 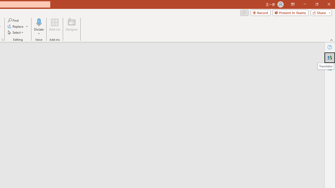 What do you see at coordinates (18, 26) in the screenshot?
I see `'Replace...'` at bounding box center [18, 26].